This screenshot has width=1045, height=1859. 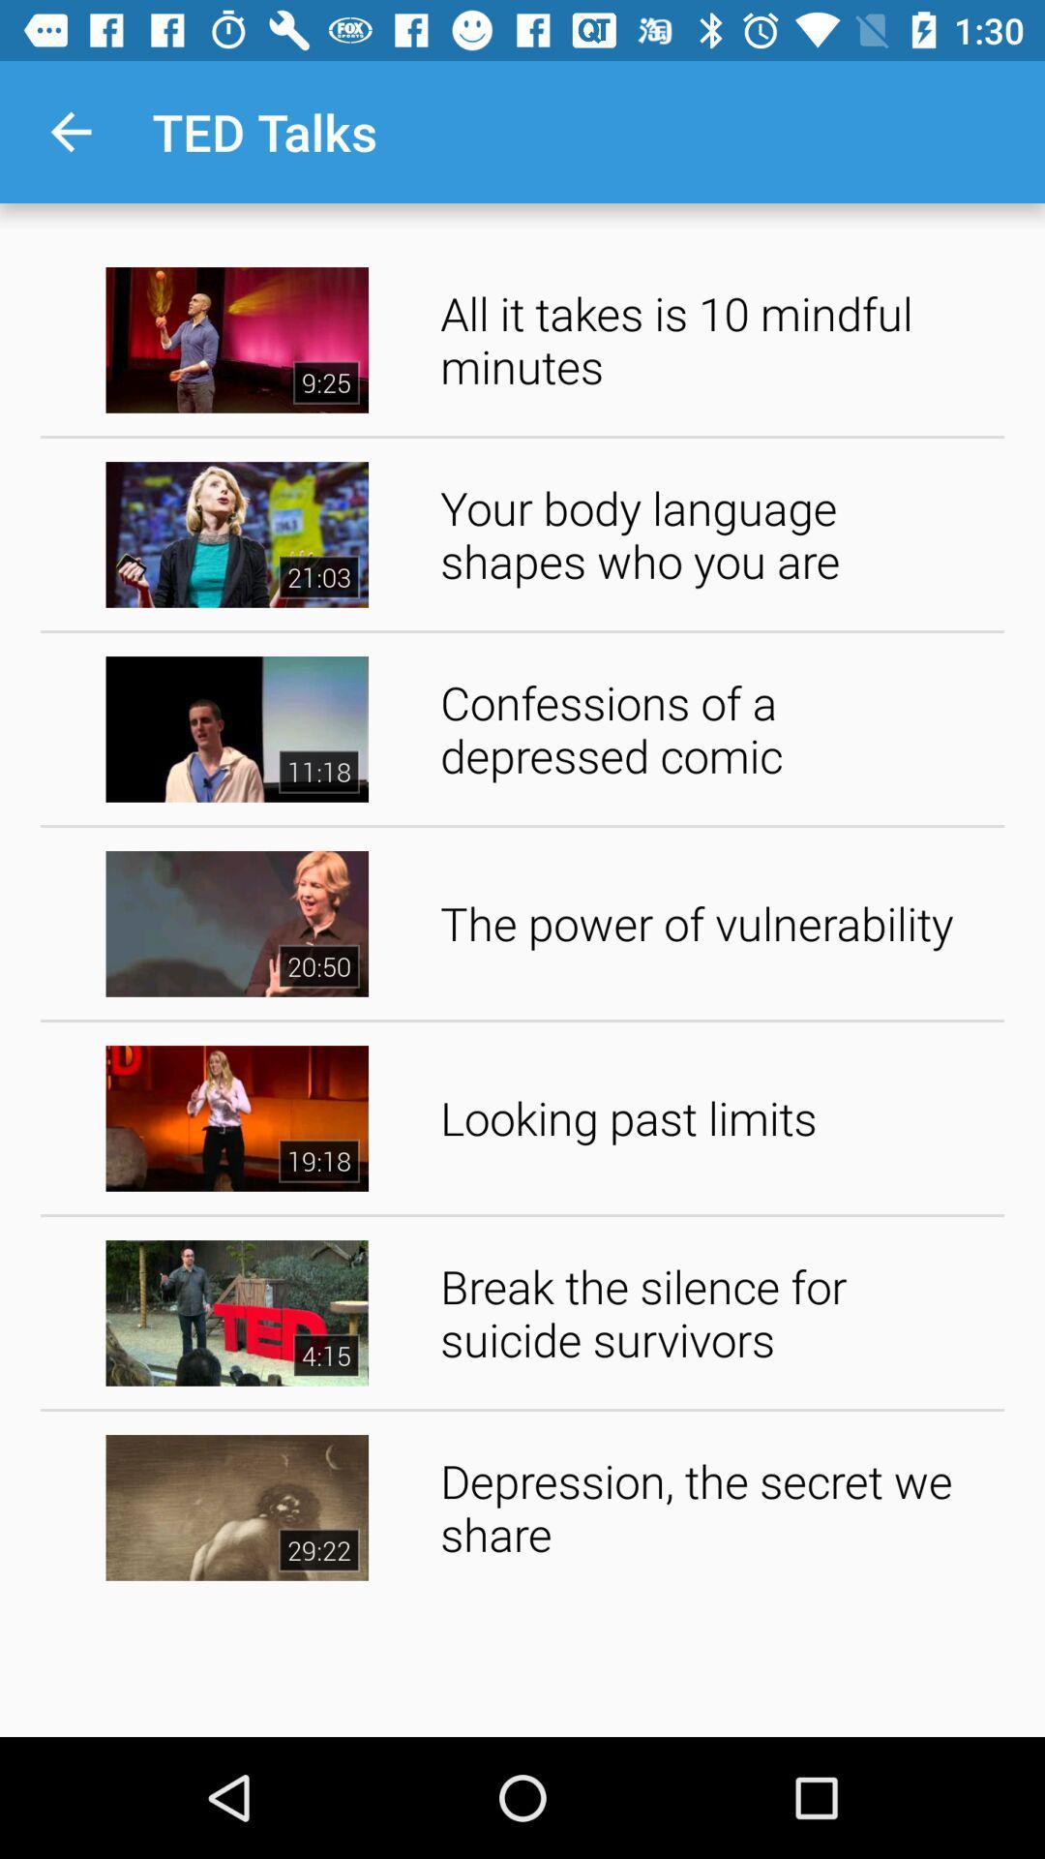 I want to click on the confessions of a app, so click(x=715, y=728).